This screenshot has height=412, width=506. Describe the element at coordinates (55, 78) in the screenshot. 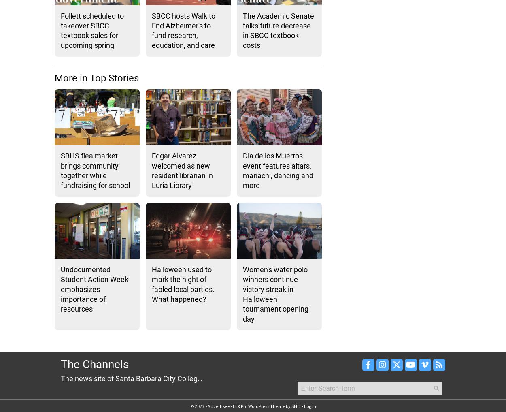

I see `'More in Top Stories'` at that location.